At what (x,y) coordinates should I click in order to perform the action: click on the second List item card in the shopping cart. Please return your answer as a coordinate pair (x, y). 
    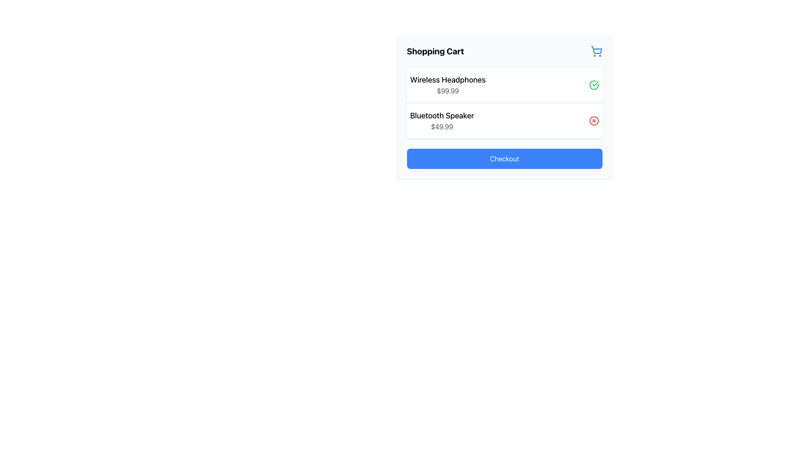
    Looking at the image, I should click on (504, 120).